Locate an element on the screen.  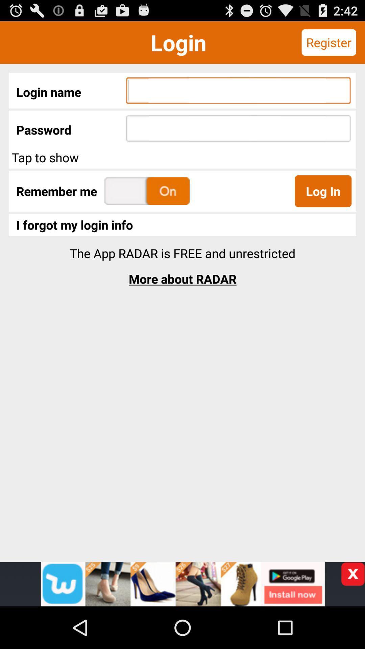
type your login name is located at coordinates (238, 90).